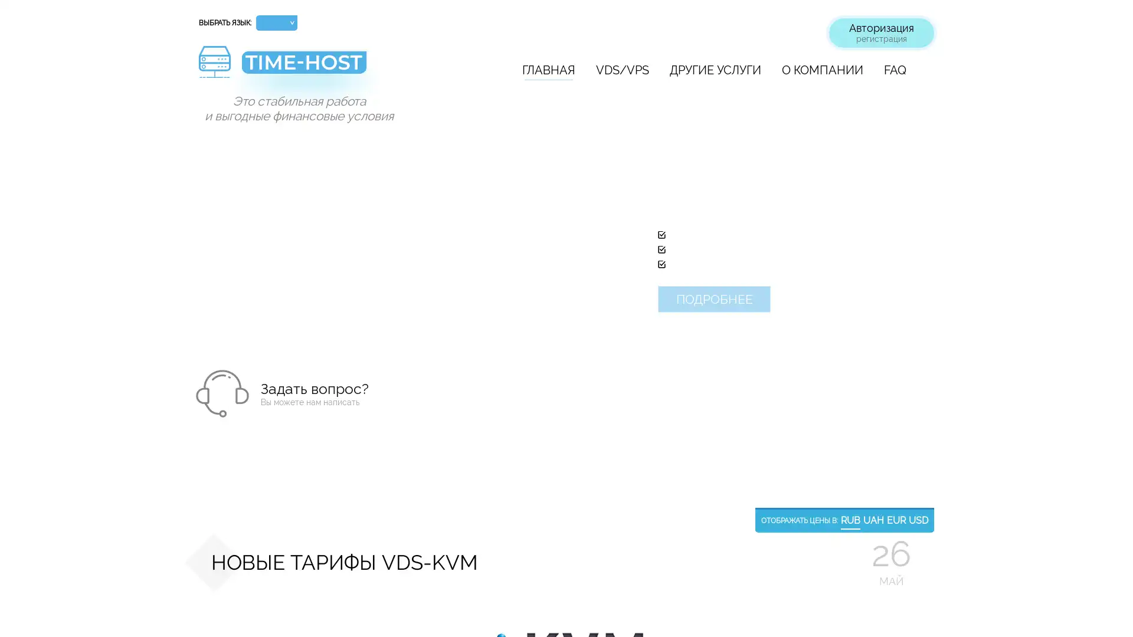  What do you see at coordinates (276, 83) in the screenshot?
I see `fr FR` at bounding box center [276, 83].